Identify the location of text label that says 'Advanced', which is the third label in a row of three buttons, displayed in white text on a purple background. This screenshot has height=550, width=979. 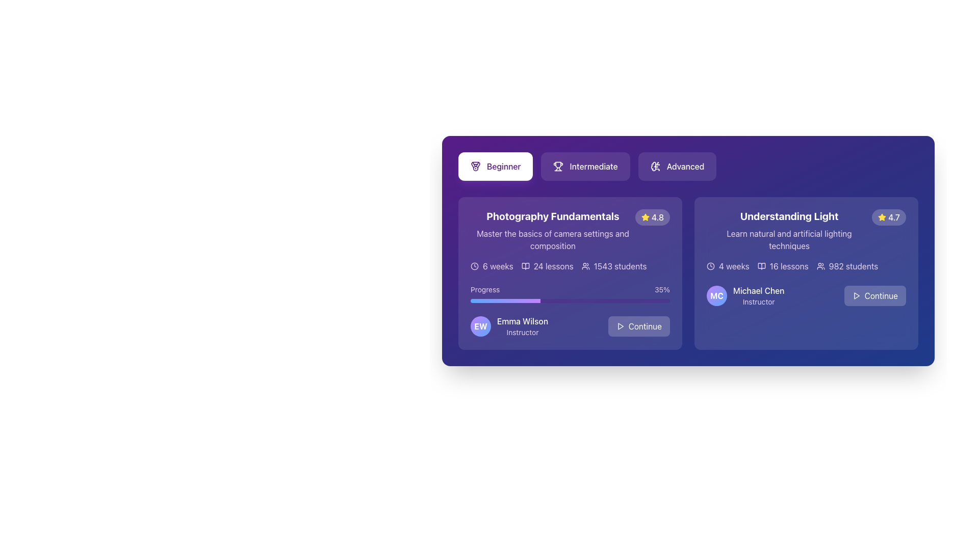
(685, 166).